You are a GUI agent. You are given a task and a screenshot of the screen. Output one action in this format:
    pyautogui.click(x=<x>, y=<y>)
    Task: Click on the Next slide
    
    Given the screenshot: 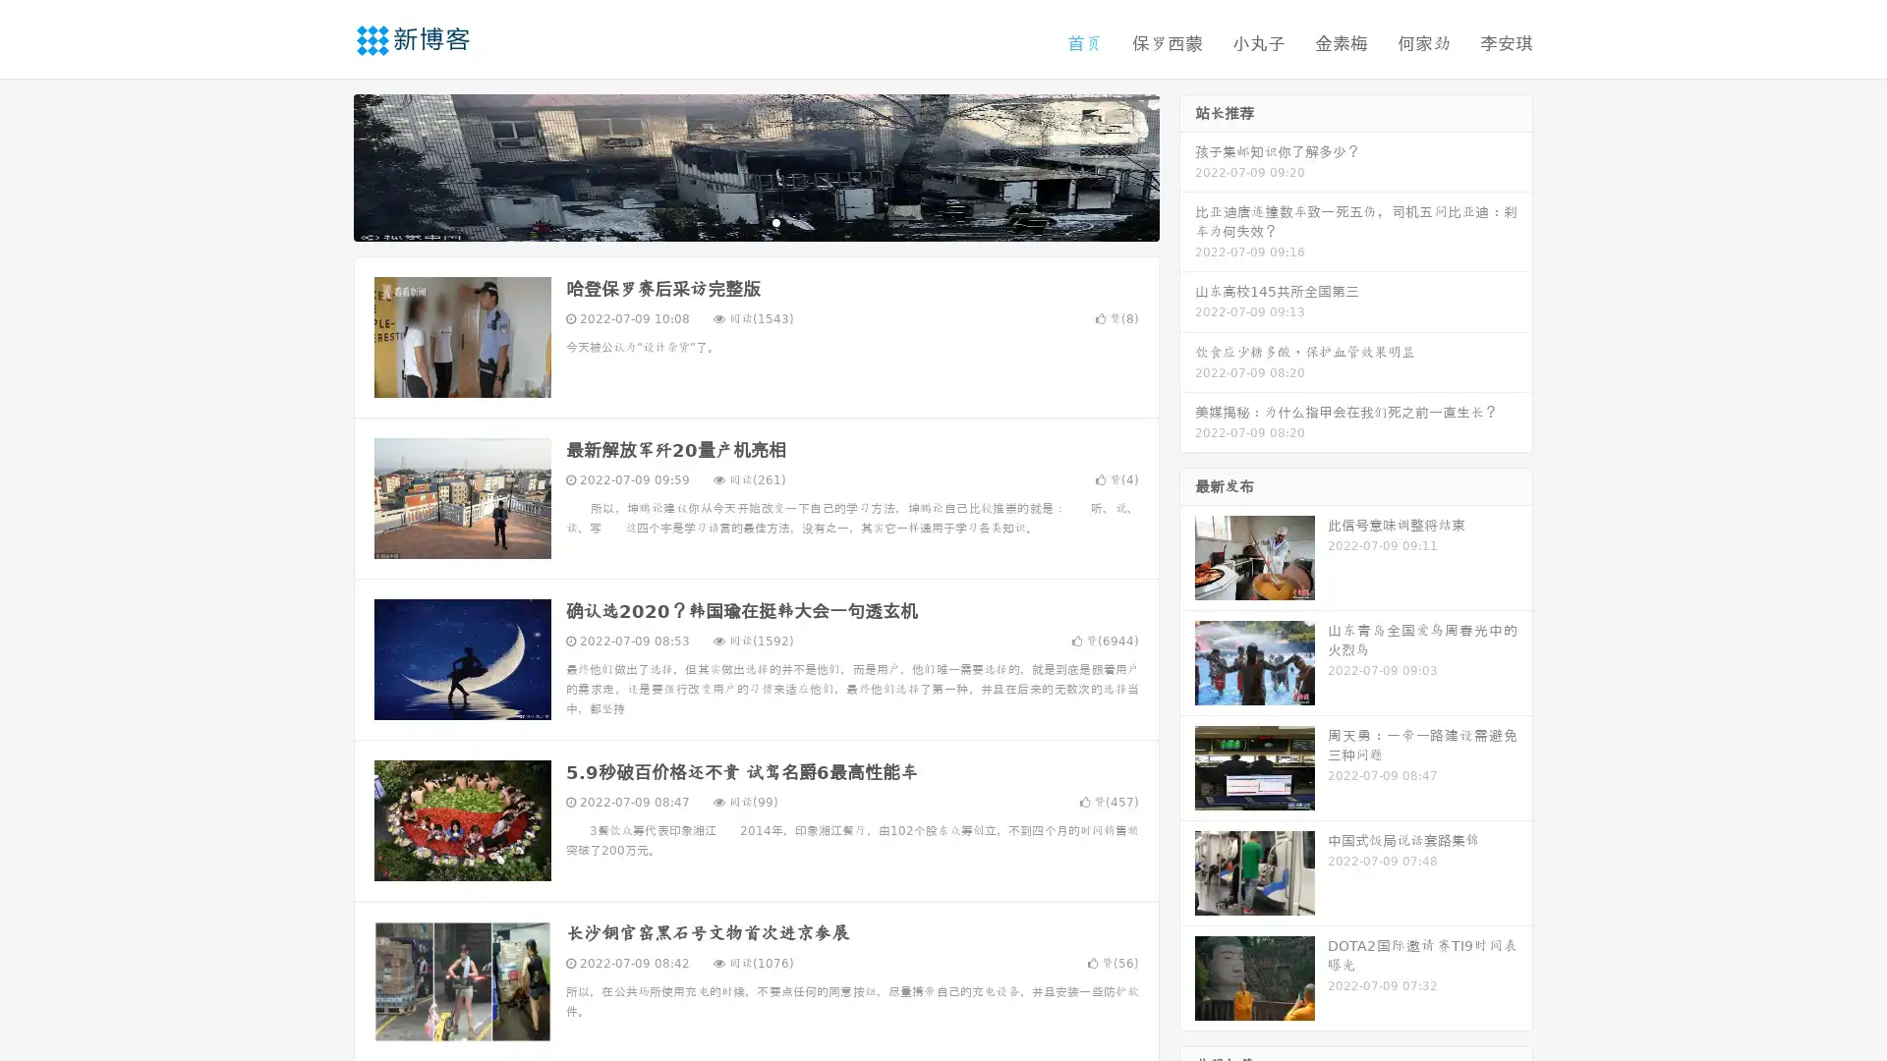 What is the action you would take?
    pyautogui.click(x=1187, y=165)
    